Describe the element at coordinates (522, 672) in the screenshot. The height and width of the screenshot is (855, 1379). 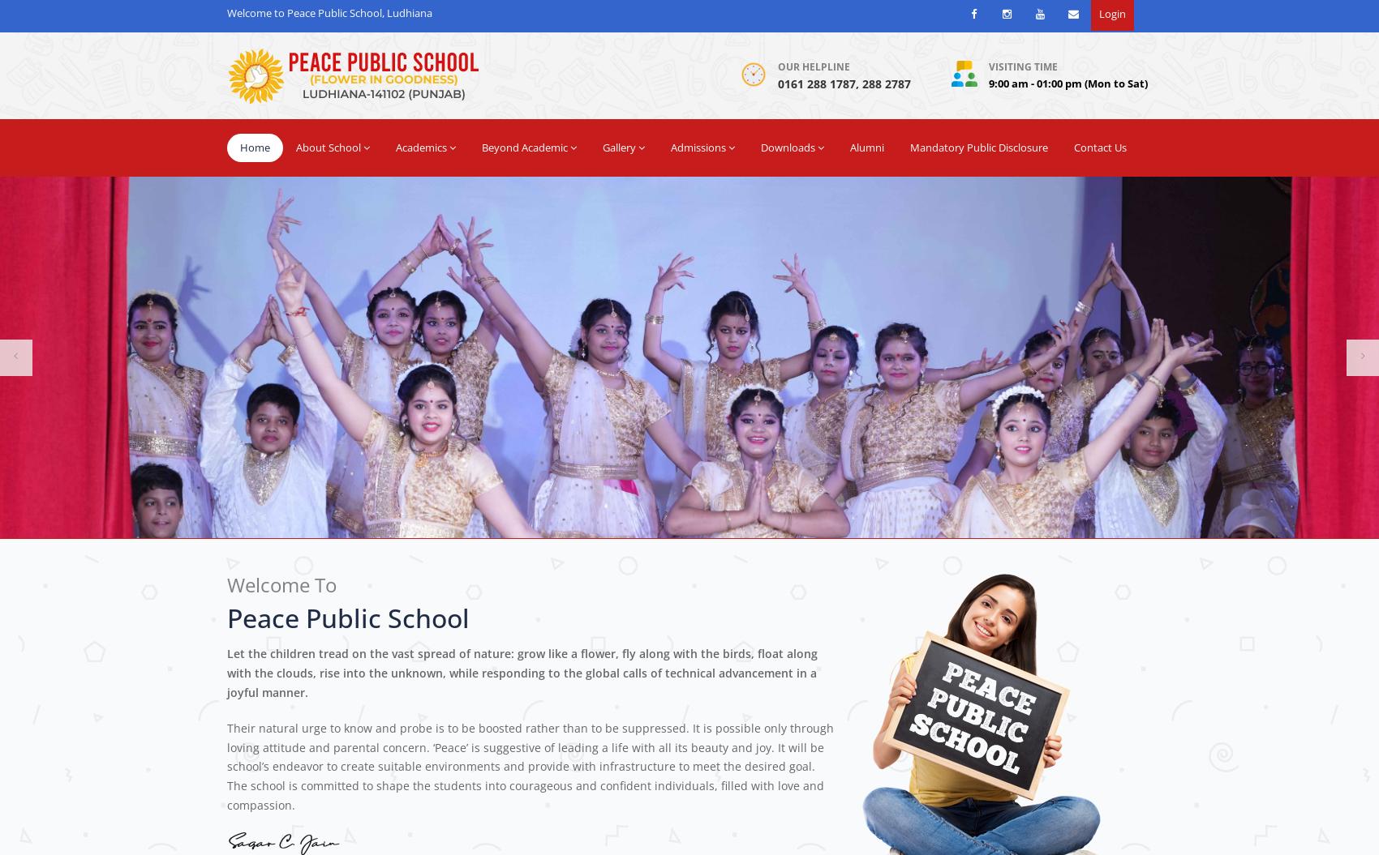
I see `'Let the children tread on the vast spread of nature: grow like a flower, fly along with the birds, float along with the clouds, rise into the unknown, while responding to the global calls of technical advancement in a joyful manner.'` at that location.